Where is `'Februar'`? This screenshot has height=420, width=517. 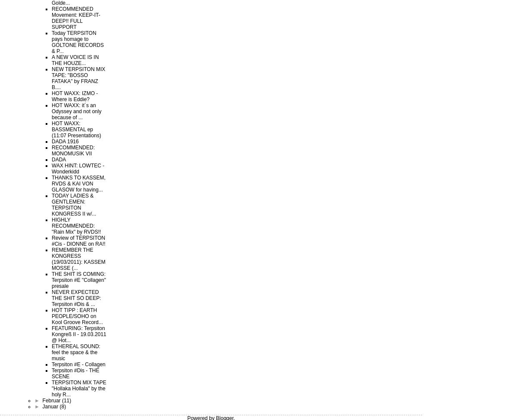 'Februar' is located at coordinates (52, 400).